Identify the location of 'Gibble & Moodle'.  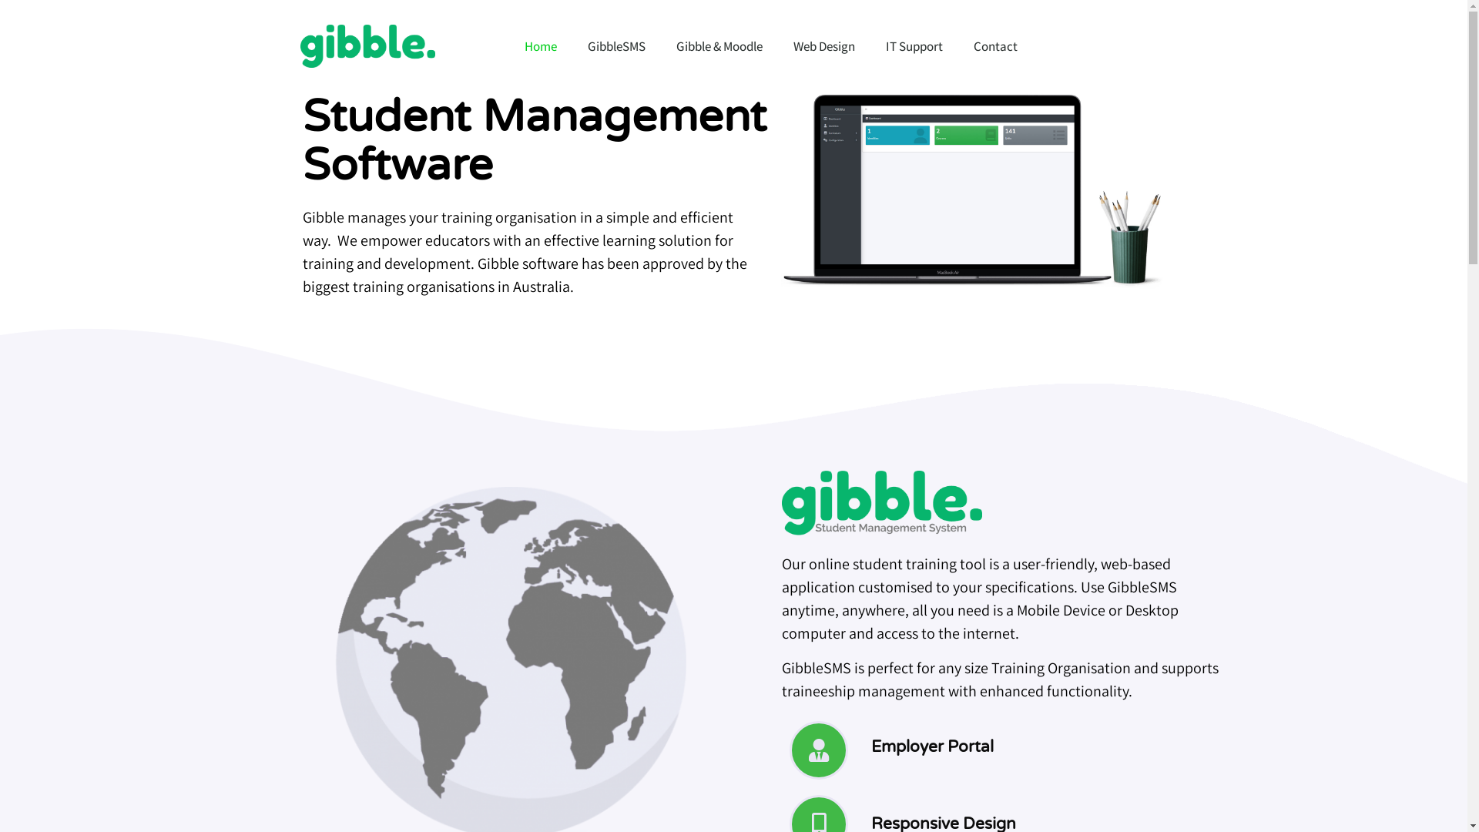
(719, 45).